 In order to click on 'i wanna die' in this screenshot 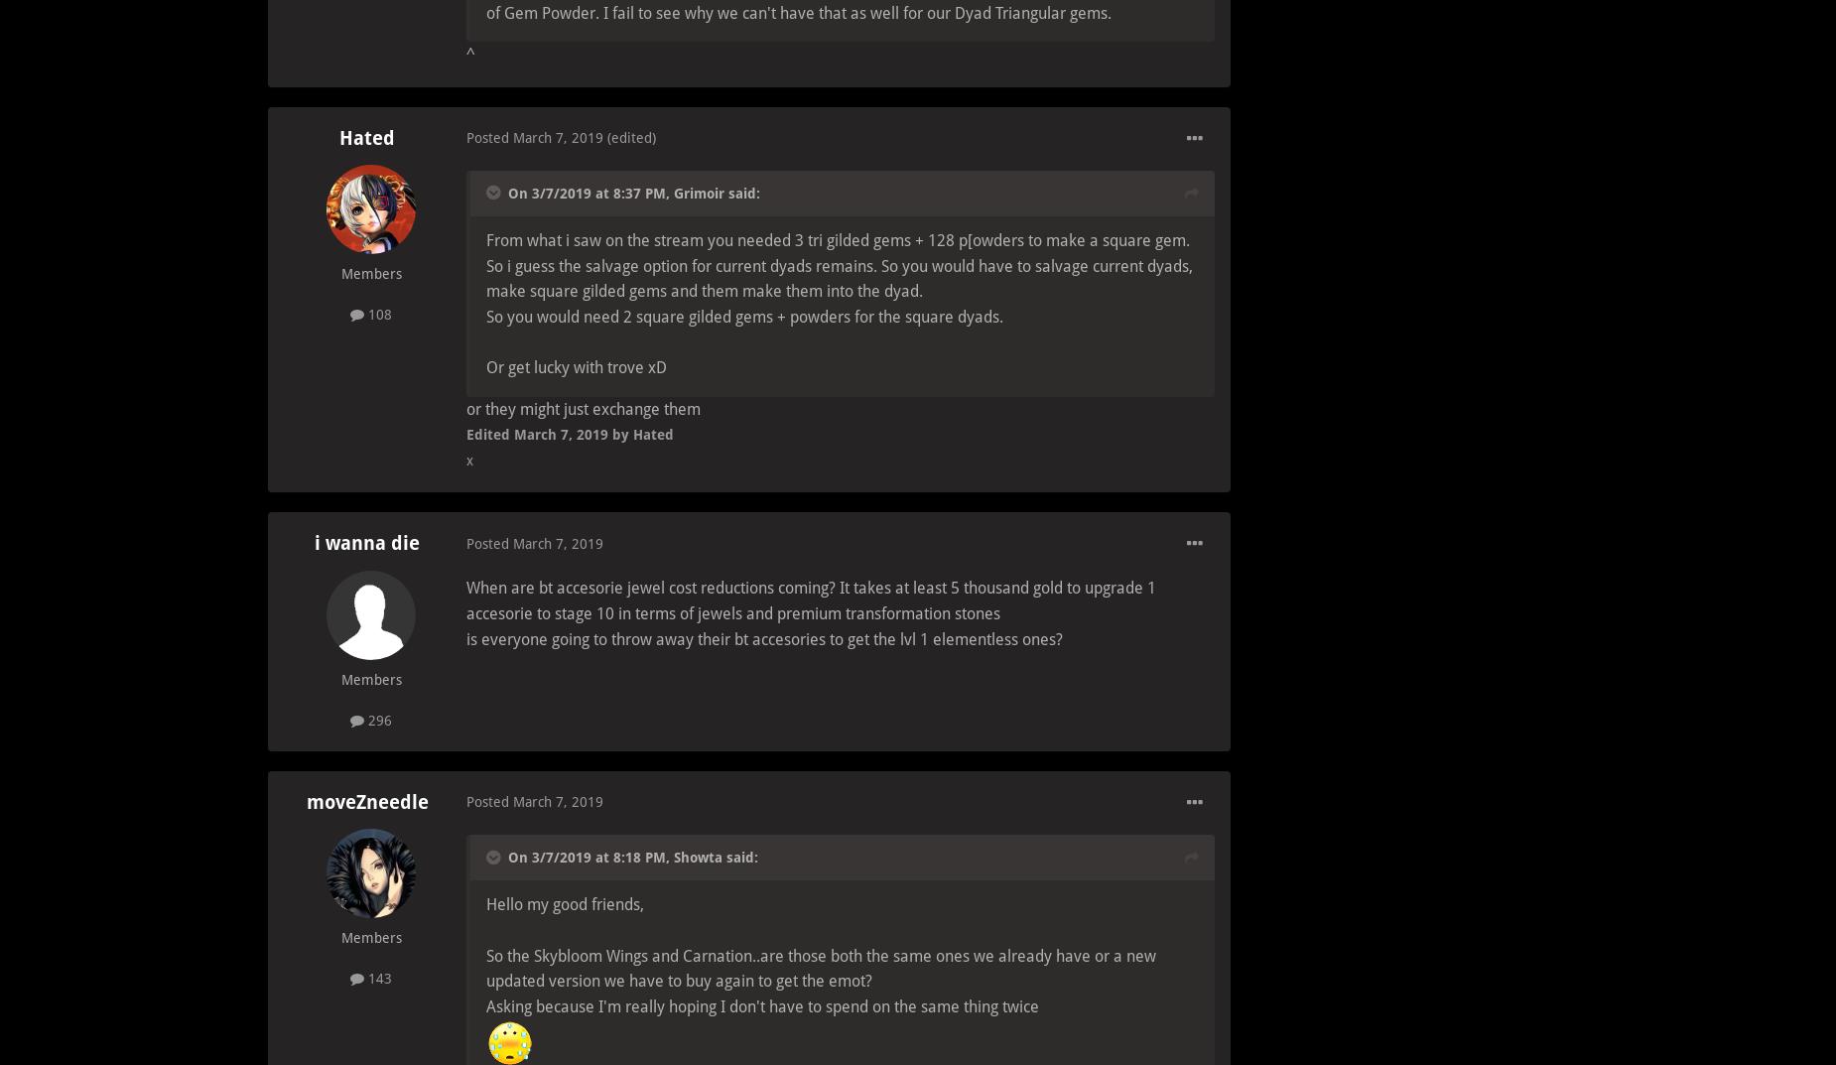, I will do `click(366, 543)`.